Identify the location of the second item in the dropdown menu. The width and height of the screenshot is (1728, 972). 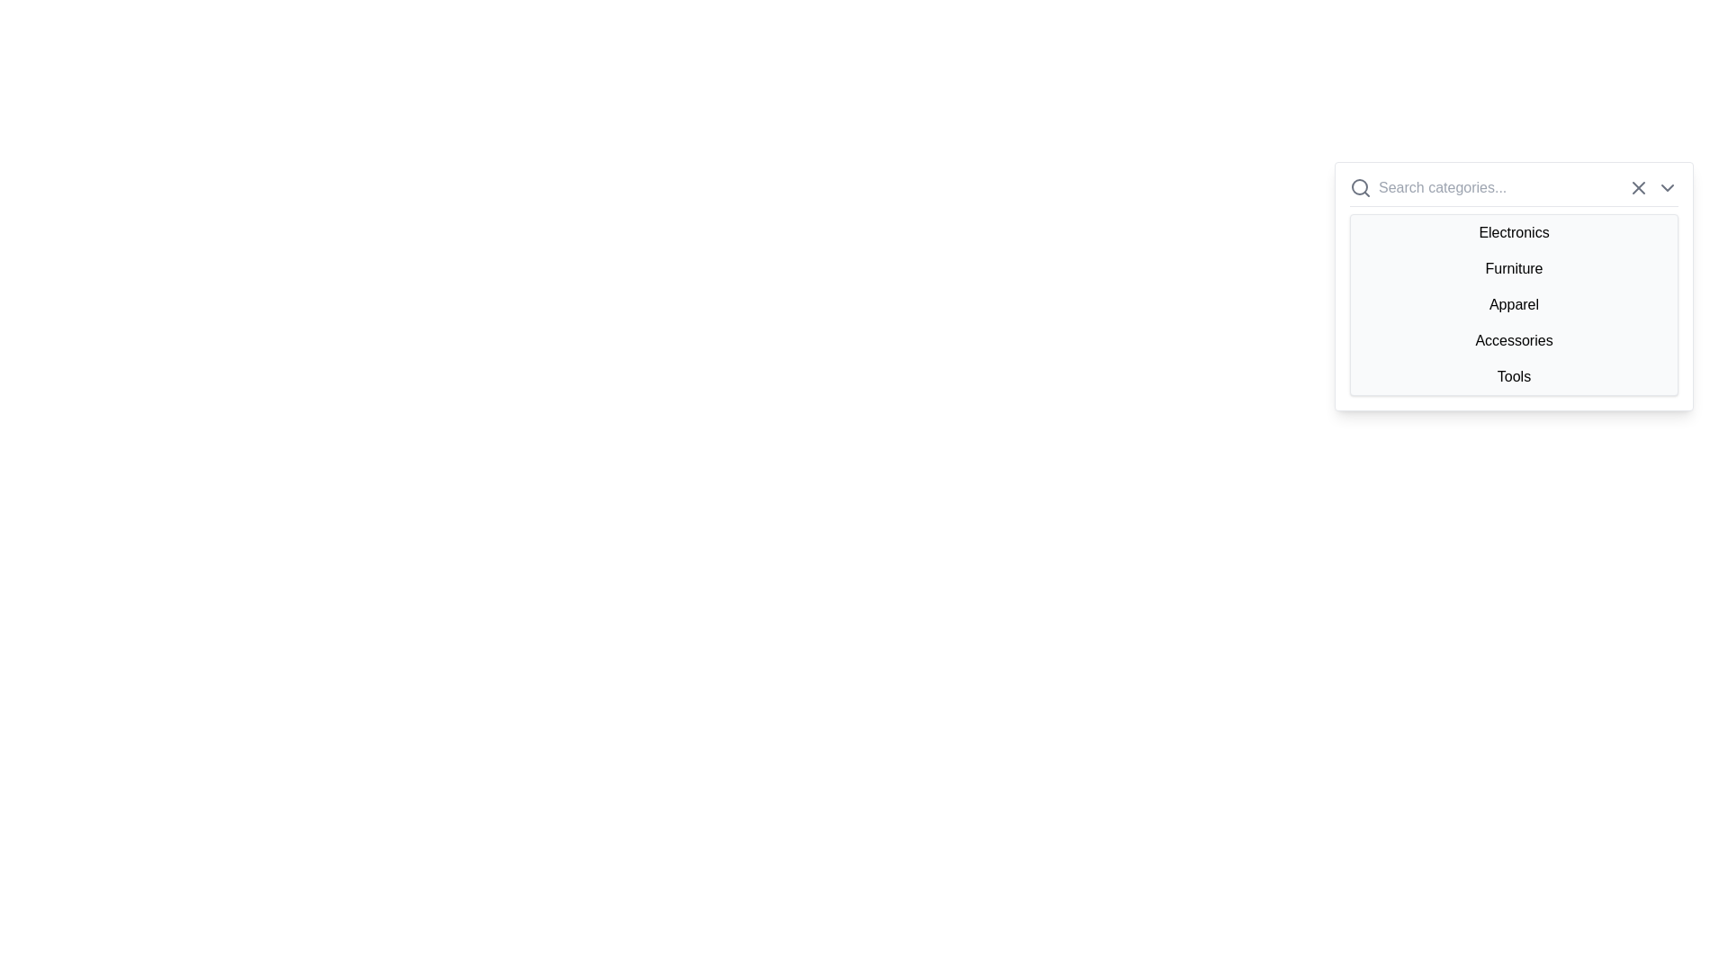
(1513, 269).